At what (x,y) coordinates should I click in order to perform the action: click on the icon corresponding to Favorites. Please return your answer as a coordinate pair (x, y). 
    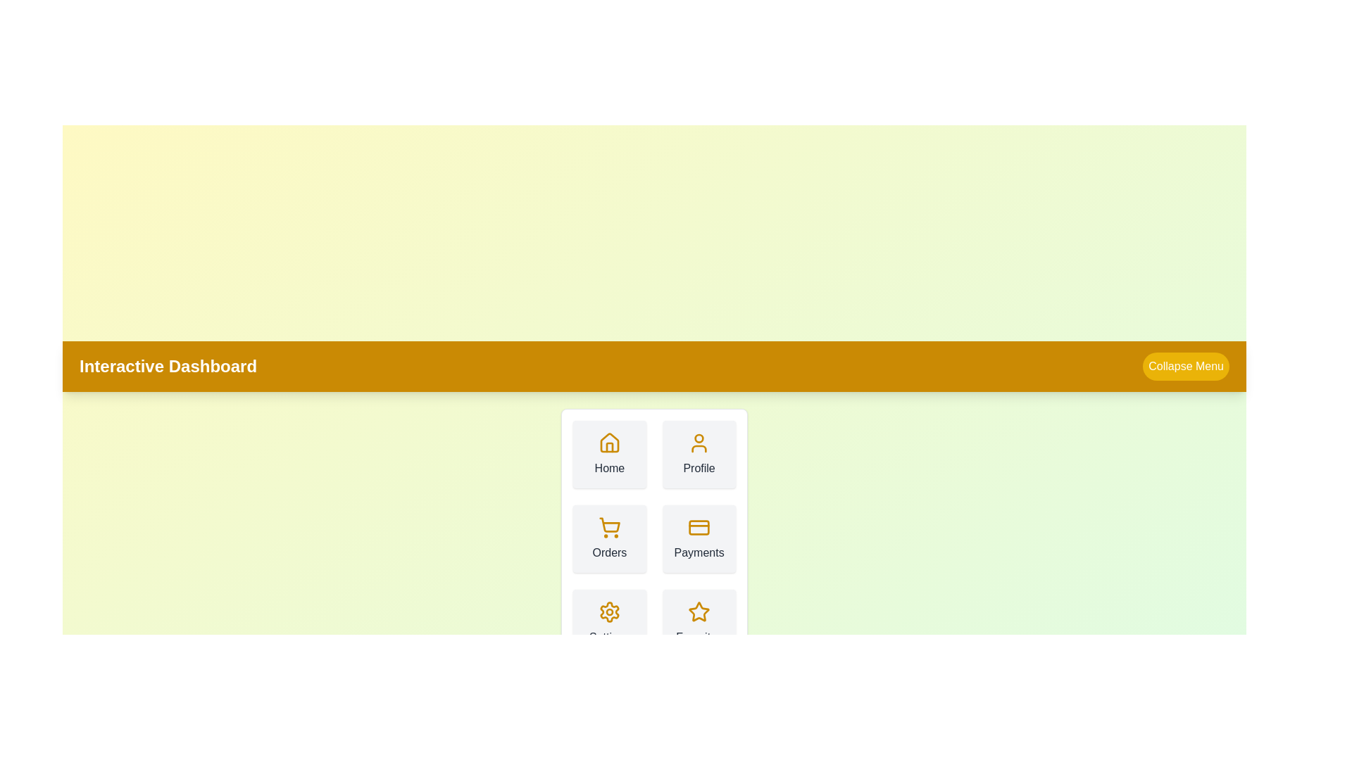
    Looking at the image, I should click on (699, 612).